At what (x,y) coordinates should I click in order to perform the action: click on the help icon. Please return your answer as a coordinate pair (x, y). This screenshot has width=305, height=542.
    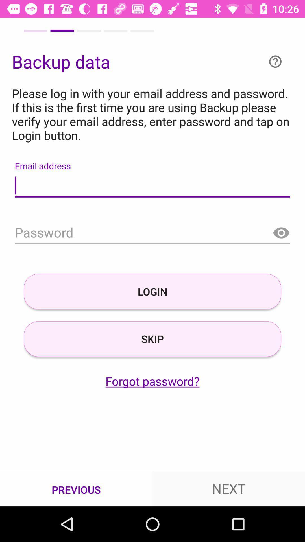
    Looking at the image, I should click on (275, 62).